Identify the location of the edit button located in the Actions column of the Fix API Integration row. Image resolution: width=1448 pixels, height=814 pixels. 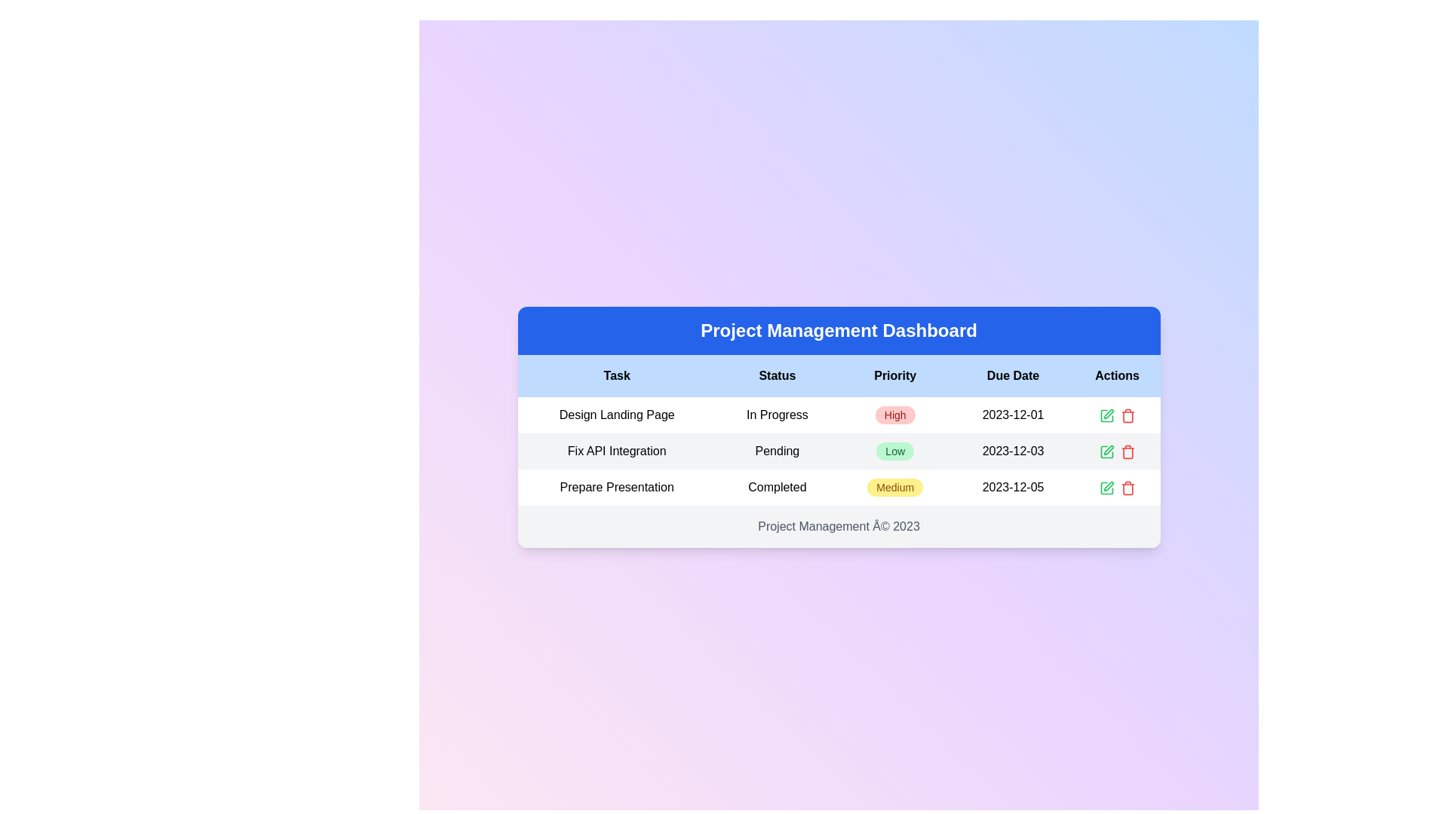
(1106, 450).